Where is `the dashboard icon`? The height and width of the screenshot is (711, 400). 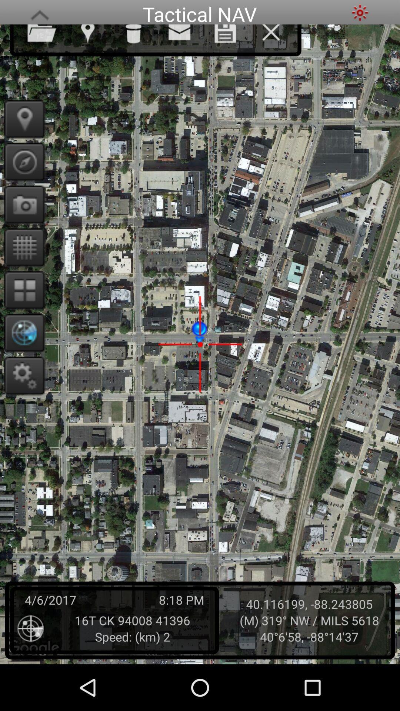 the dashboard icon is located at coordinates (21, 310).